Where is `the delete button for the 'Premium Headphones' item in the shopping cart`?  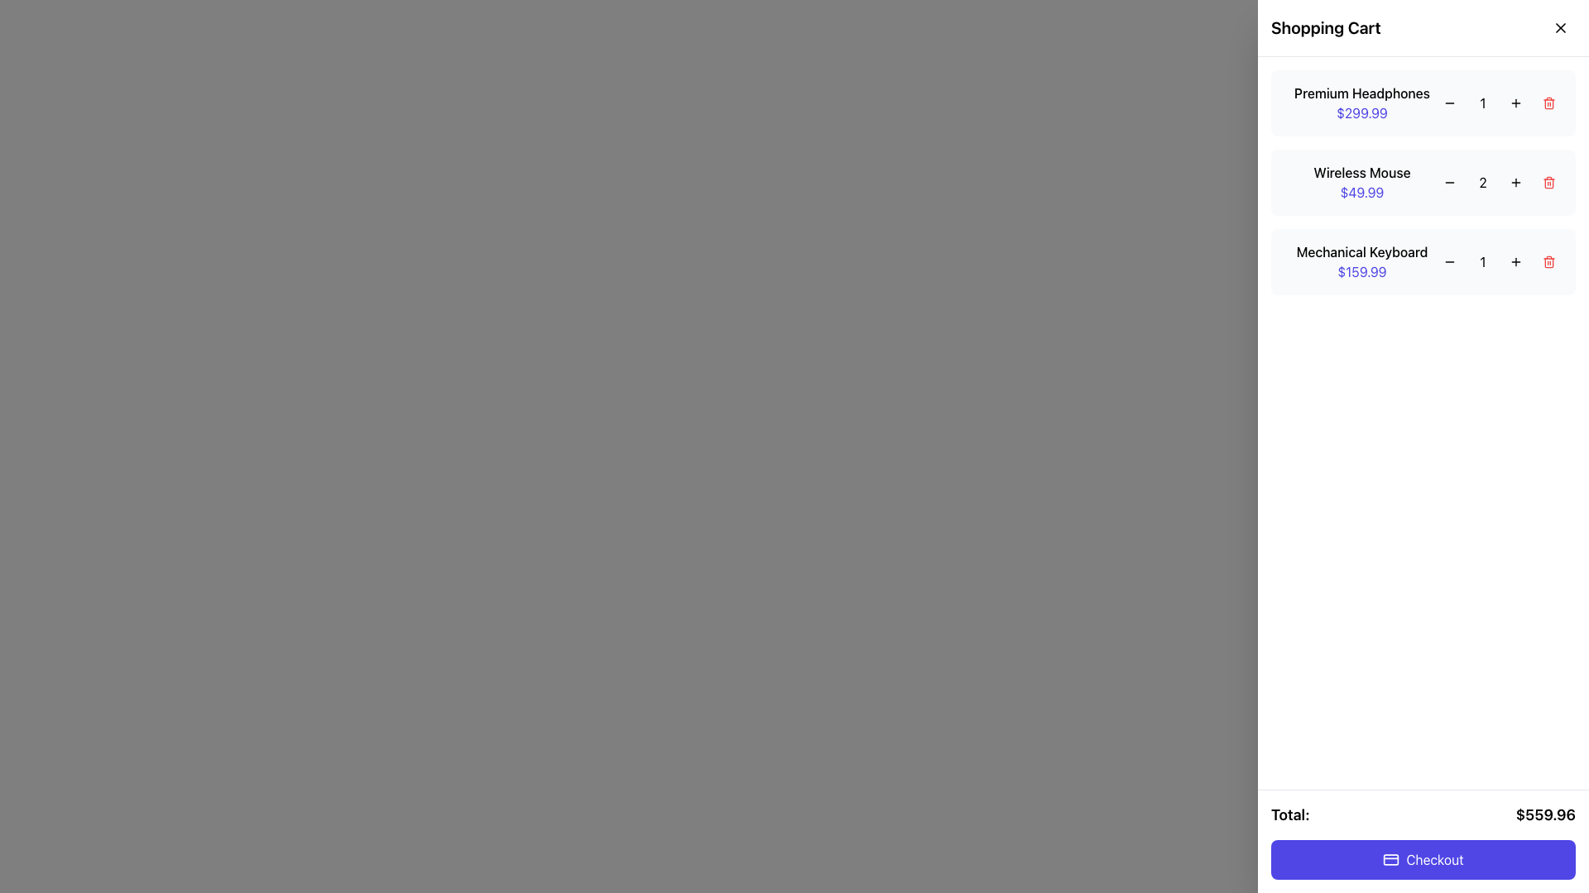
the delete button for the 'Premium Headphones' item in the shopping cart is located at coordinates (1548, 103).